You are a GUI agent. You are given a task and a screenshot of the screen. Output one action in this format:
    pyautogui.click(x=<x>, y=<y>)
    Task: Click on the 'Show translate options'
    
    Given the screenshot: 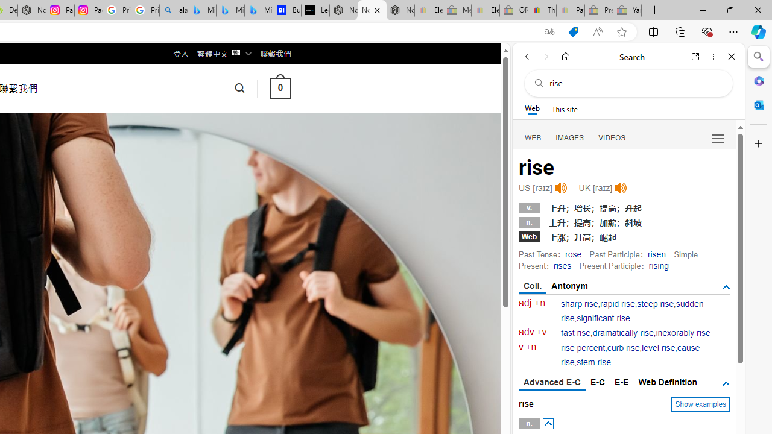 What is the action you would take?
    pyautogui.click(x=548, y=31)
    